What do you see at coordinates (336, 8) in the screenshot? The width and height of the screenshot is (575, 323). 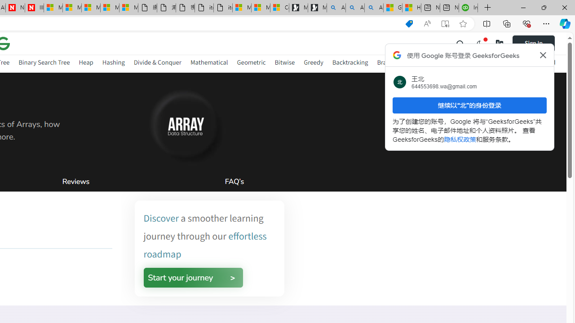 I see `'Alabama high school quarterback dies - Search'` at bounding box center [336, 8].